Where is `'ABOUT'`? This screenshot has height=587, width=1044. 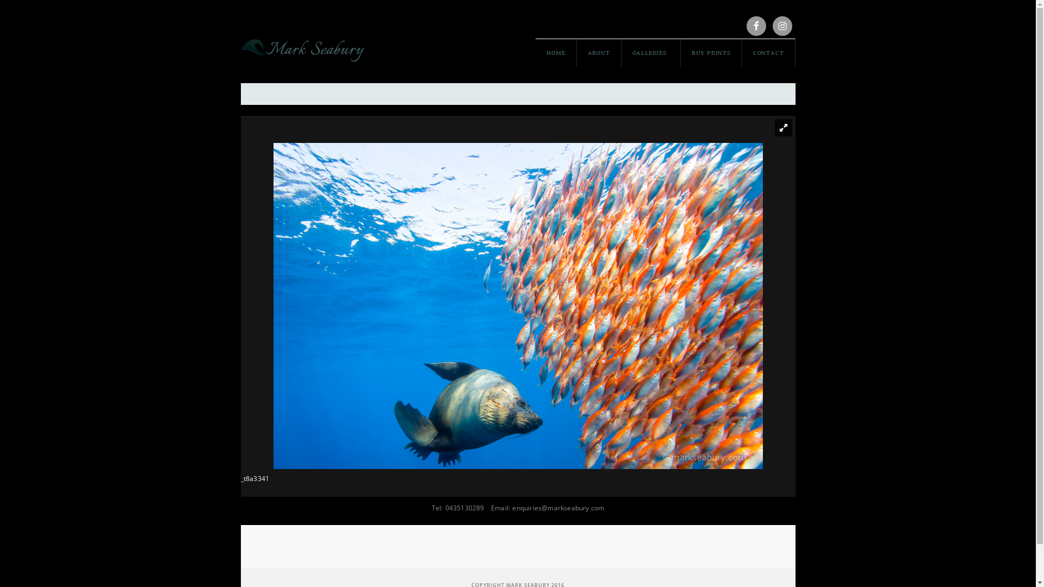
'ABOUT' is located at coordinates (576, 52).